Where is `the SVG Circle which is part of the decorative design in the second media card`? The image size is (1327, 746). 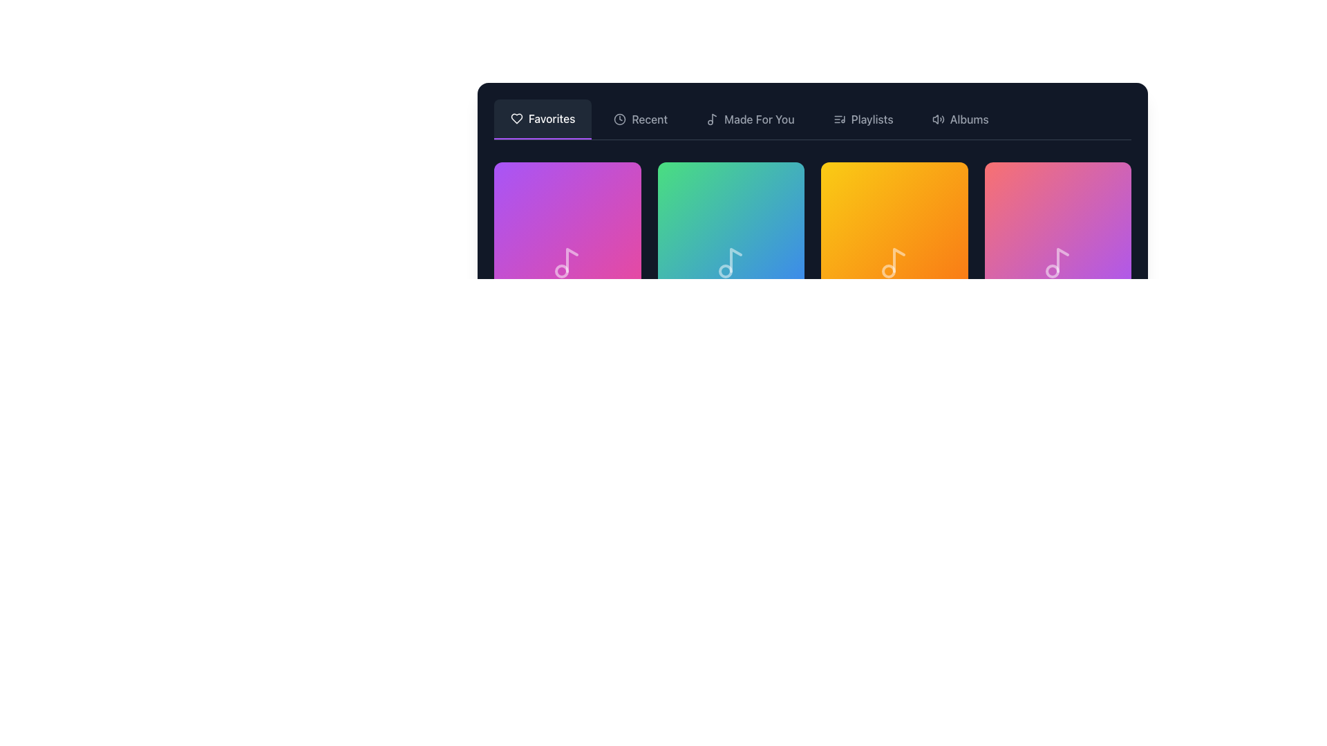 the SVG Circle which is part of the decorative design in the second media card is located at coordinates (778, 266).